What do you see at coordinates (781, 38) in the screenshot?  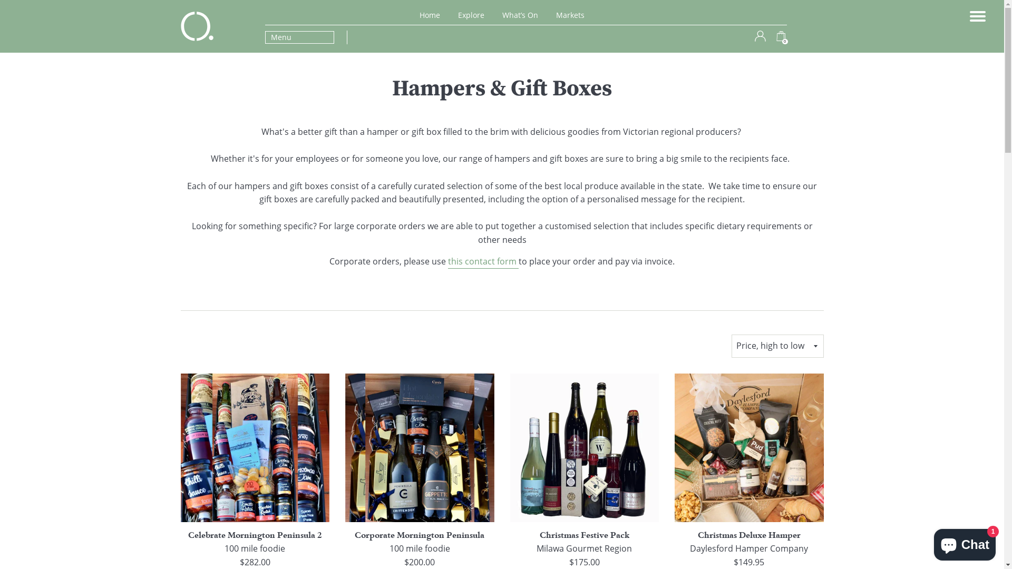 I see `'0'` at bounding box center [781, 38].